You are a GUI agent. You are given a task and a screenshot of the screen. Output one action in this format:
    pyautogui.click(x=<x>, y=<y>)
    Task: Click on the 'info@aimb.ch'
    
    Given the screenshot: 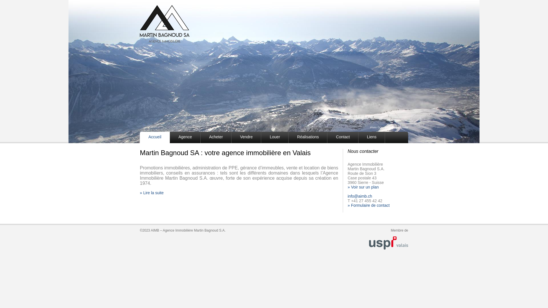 What is the action you would take?
    pyautogui.click(x=360, y=196)
    